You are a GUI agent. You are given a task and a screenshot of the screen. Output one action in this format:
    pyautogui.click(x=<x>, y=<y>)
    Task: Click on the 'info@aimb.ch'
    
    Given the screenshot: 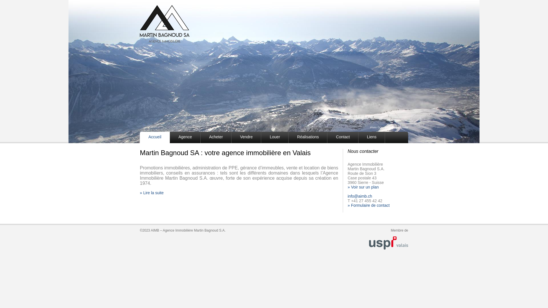 What is the action you would take?
    pyautogui.click(x=360, y=196)
    